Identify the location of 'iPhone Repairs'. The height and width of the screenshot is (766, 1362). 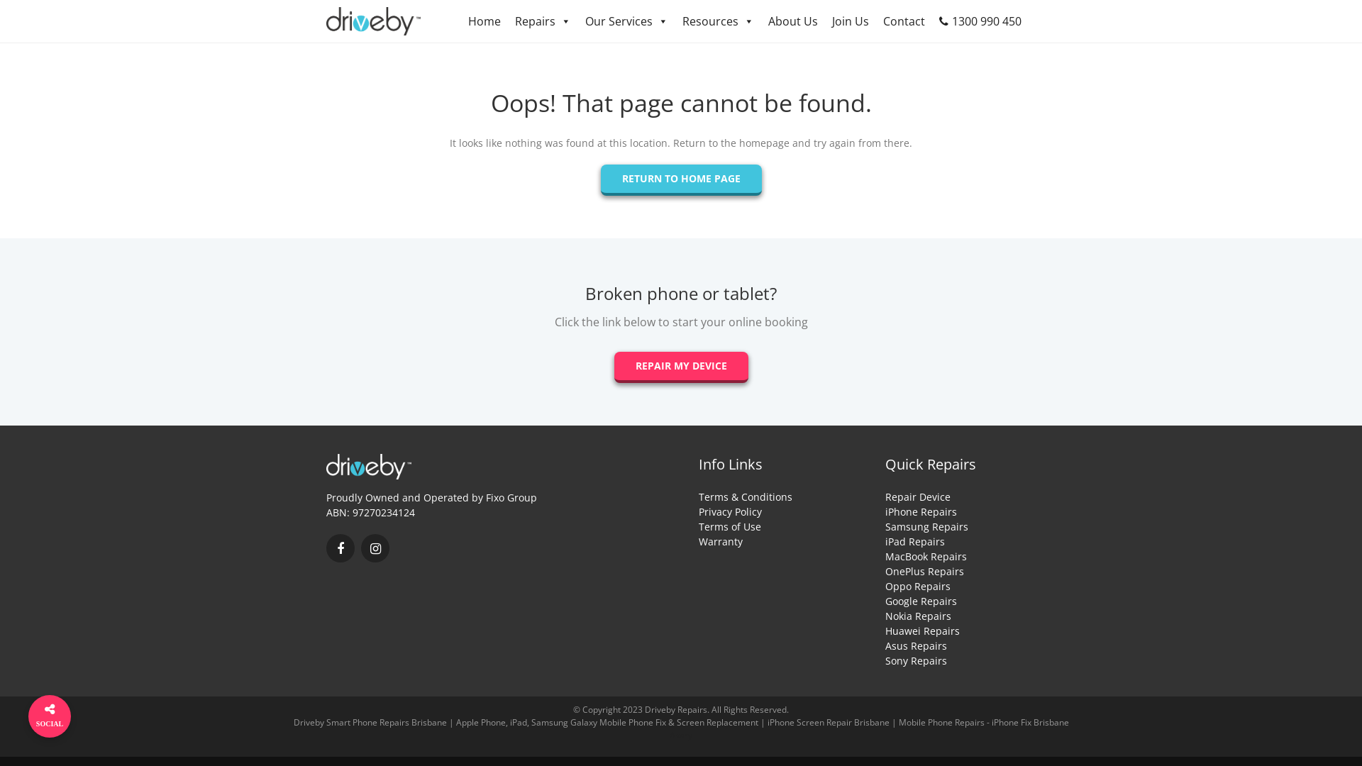
(921, 511).